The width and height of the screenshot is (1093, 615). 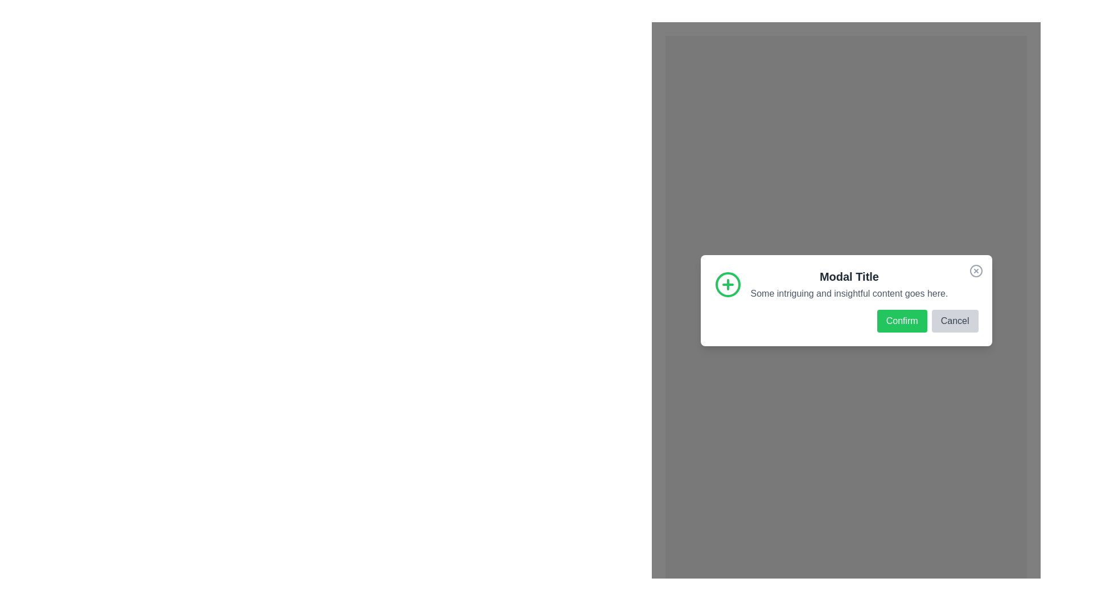 What do you see at coordinates (849, 276) in the screenshot?
I see `bold text element titled 'Modal Title' located centrally at the top of the modal dialog for context` at bounding box center [849, 276].